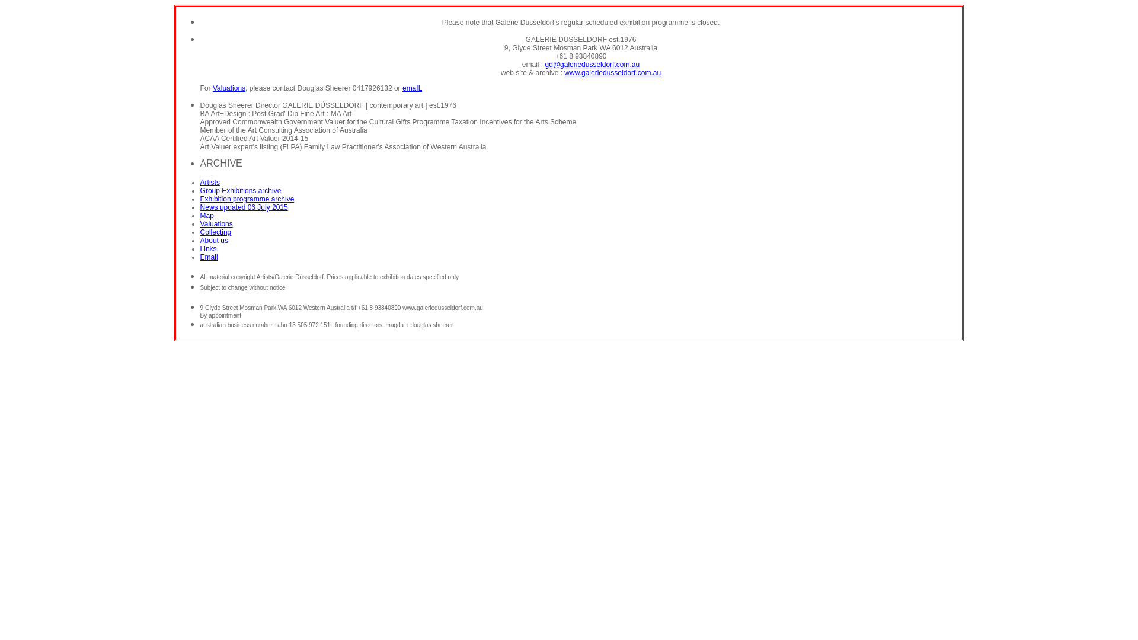 The height and width of the screenshot is (640, 1138). I want to click on 'emaIL', so click(402, 88).